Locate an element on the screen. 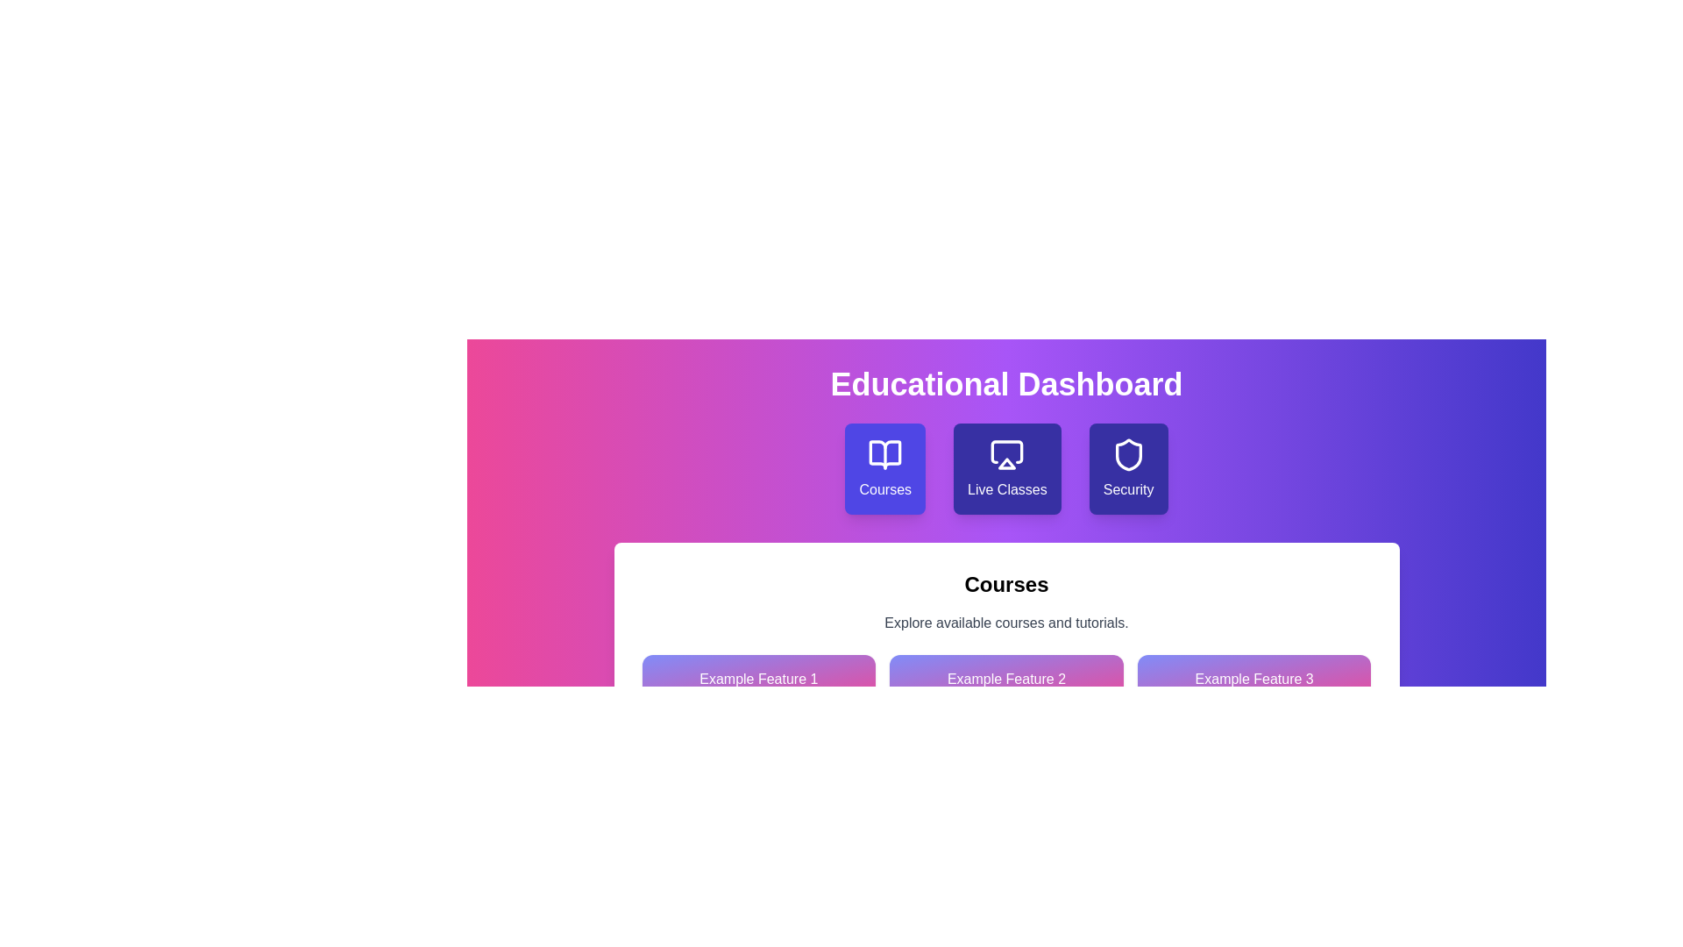  the button labeled 'Courses' to observe the visual effect is located at coordinates (884, 468).